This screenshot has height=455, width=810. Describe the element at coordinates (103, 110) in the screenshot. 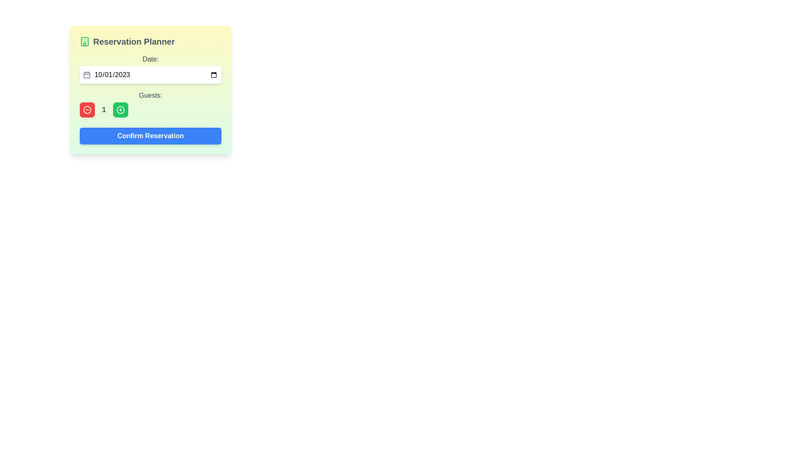

I see `the static text displaying the current count of selected guests, located in the 'Reservation Planner' interface between the red minus button and the green plus button` at that location.